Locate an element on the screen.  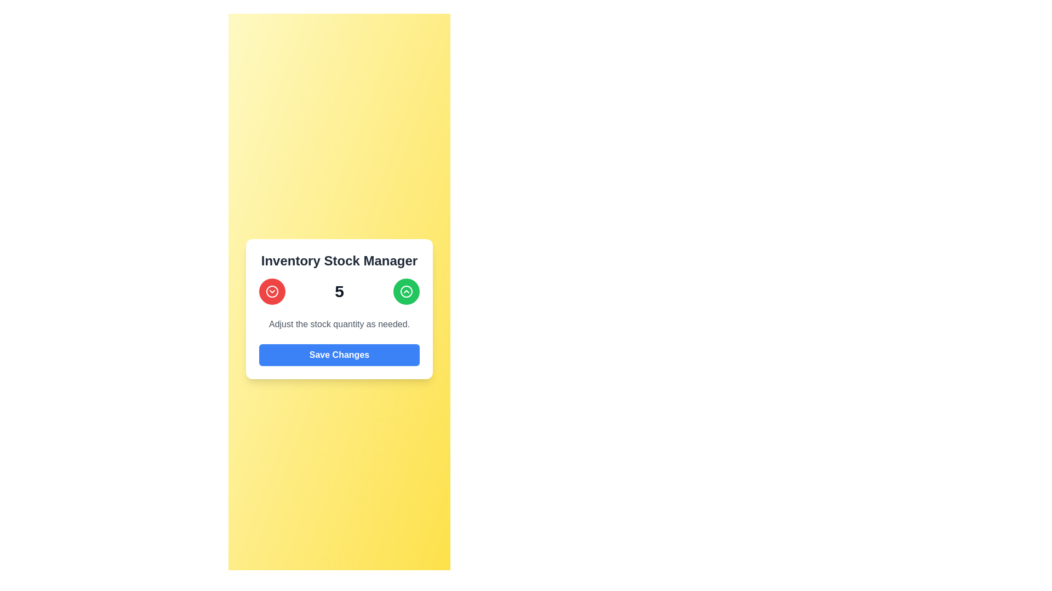
the circular red button with a white chevron arrow pointing downwards by is located at coordinates (272, 291).